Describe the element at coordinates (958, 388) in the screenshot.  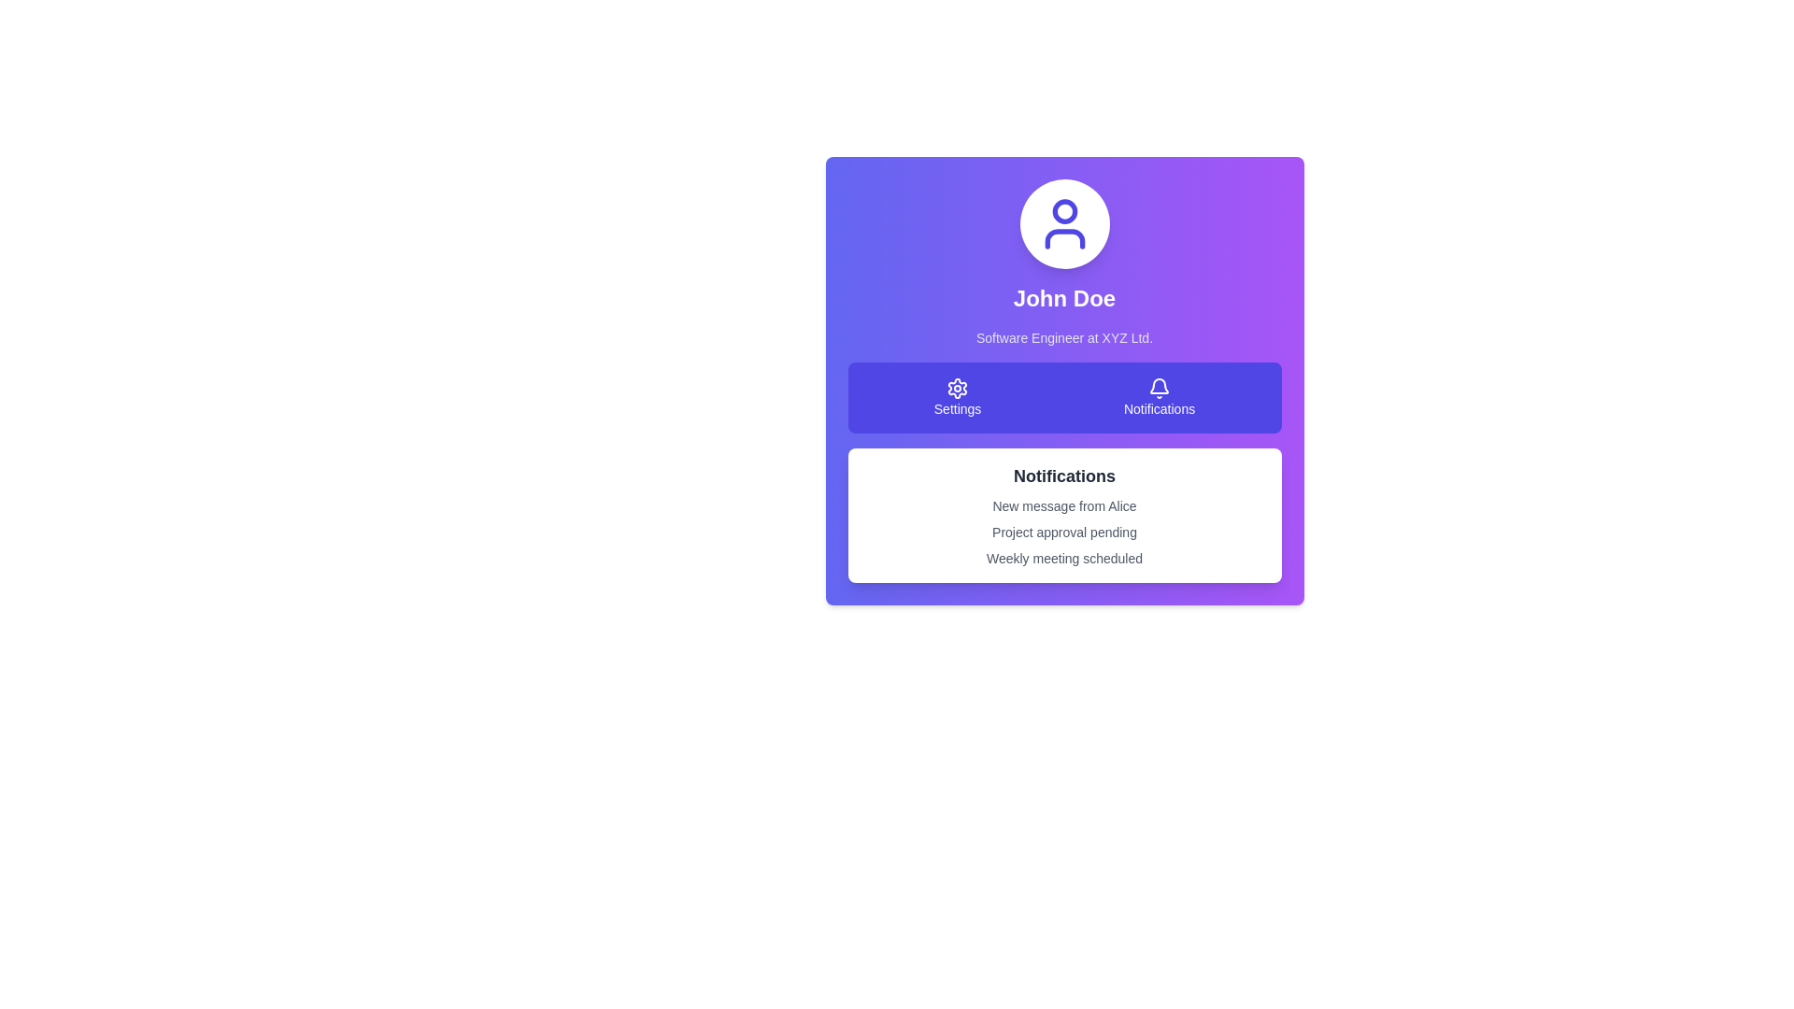
I see `the 'Settings' icon, which is the first icon in a row of two icons located below the user information section` at that location.